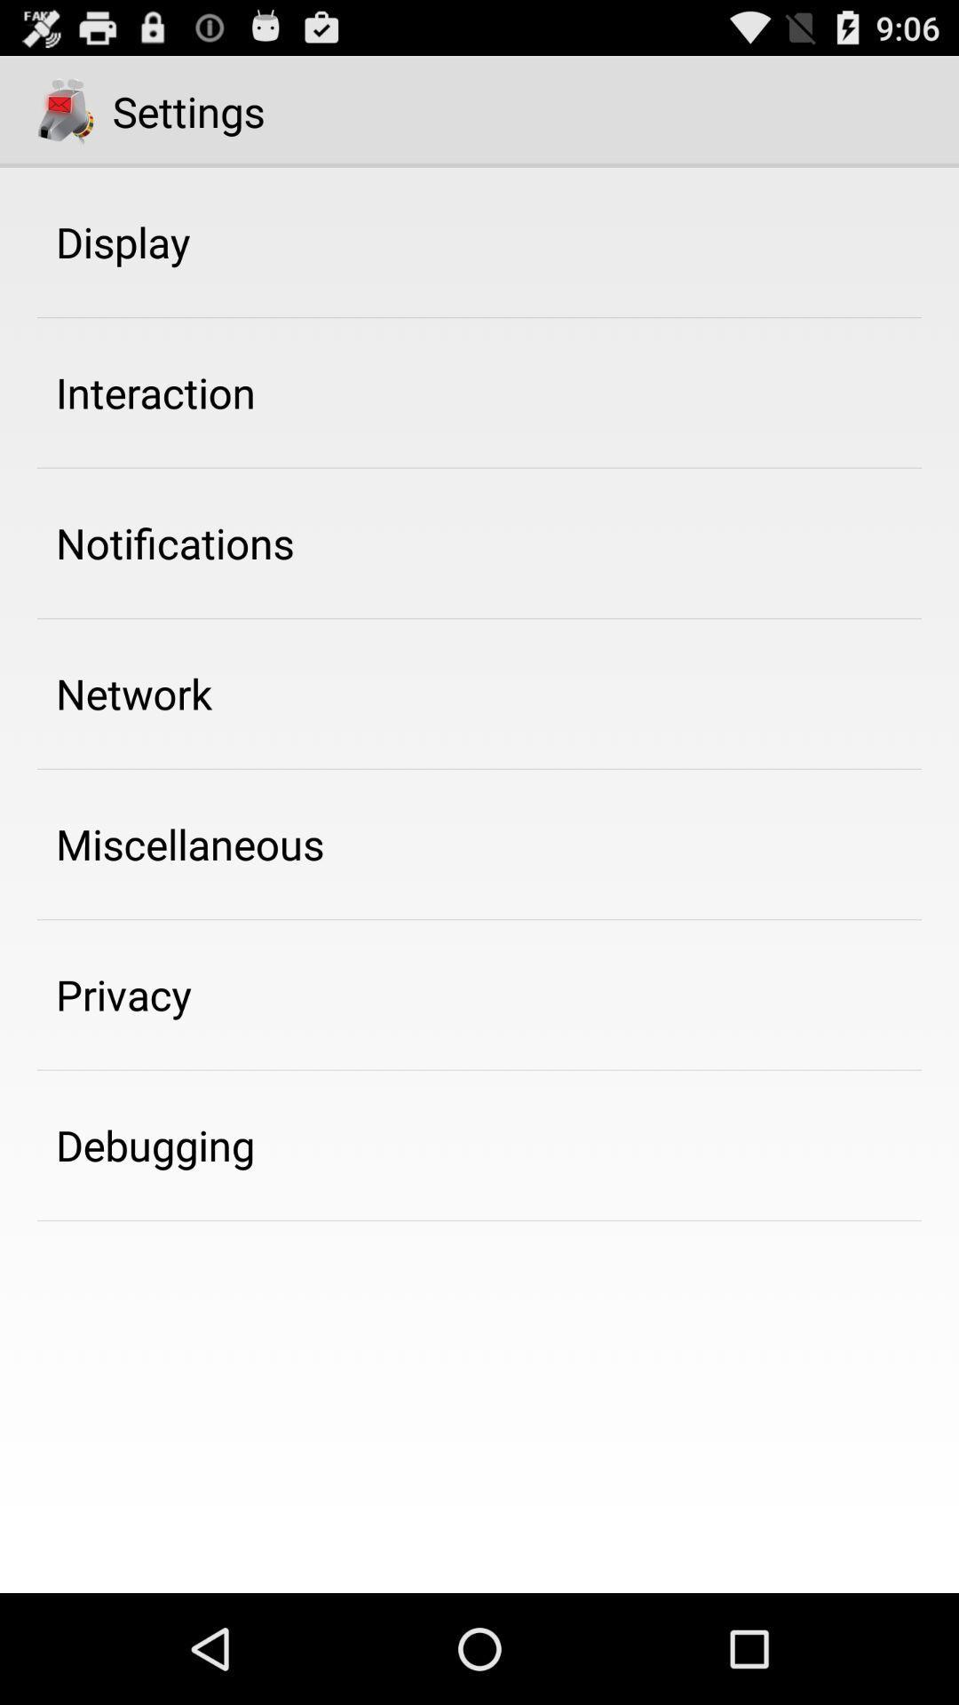 Image resolution: width=959 pixels, height=1705 pixels. What do you see at coordinates (133, 693) in the screenshot?
I see `network` at bounding box center [133, 693].